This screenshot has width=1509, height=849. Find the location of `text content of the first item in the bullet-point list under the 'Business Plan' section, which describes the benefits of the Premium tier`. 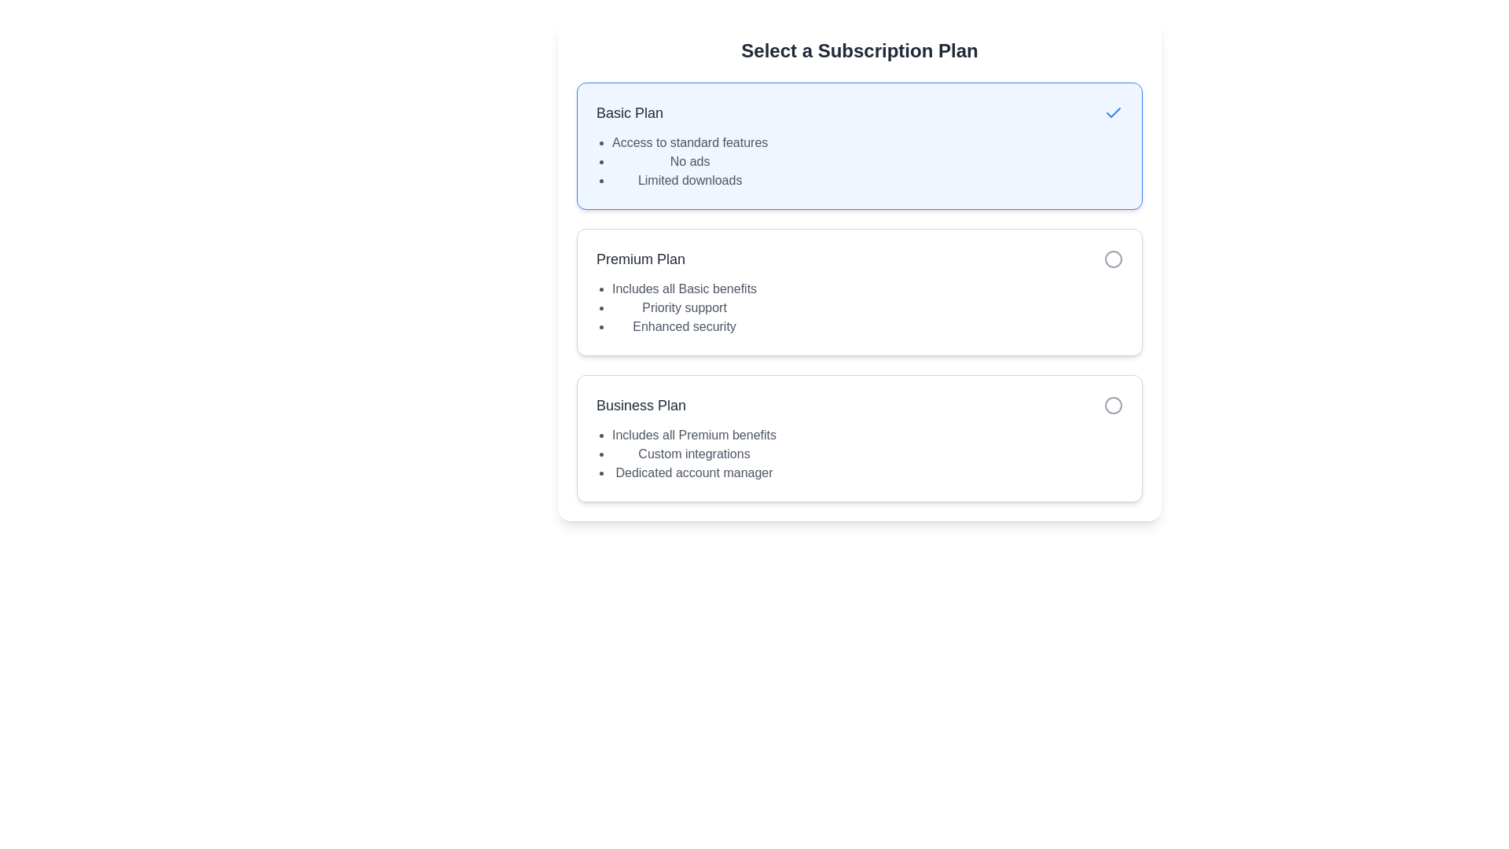

text content of the first item in the bullet-point list under the 'Business Plan' section, which describes the benefits of the Premium tier is located at coordinates (693, 436).